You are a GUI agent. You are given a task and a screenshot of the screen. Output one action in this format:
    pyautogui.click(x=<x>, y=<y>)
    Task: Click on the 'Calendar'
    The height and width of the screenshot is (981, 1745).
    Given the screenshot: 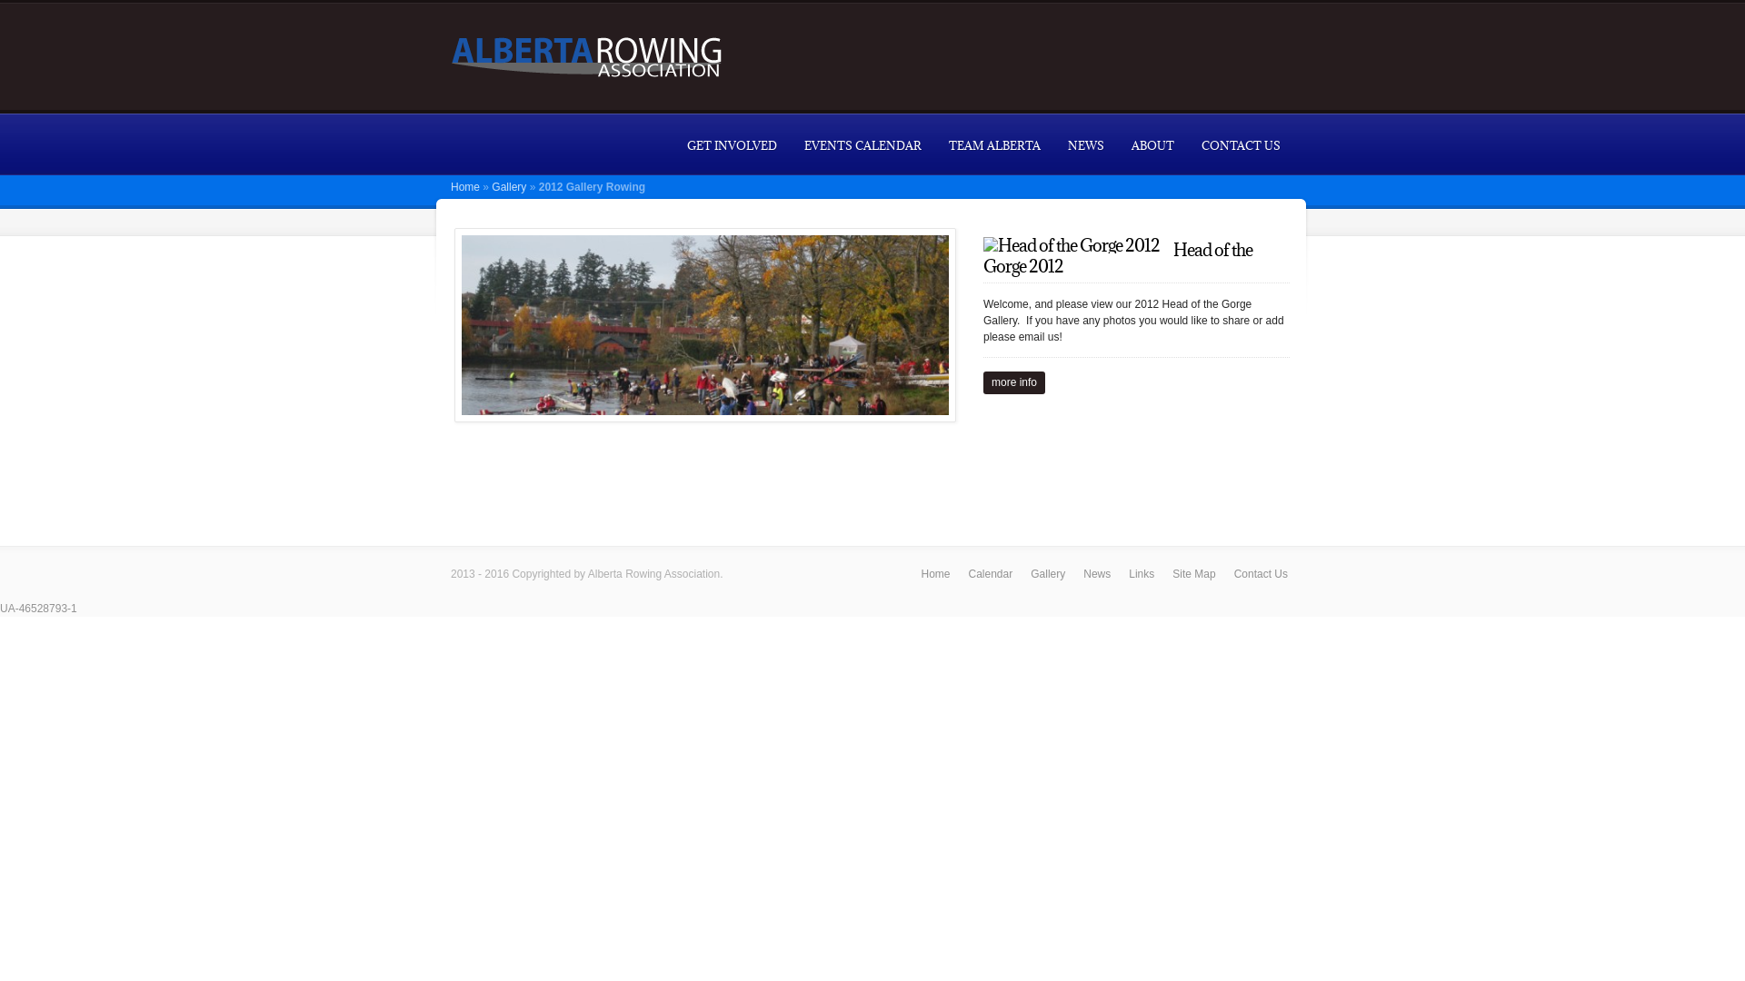 What is the action you would take?
    pyautogui.click(x=990, y=573)
    